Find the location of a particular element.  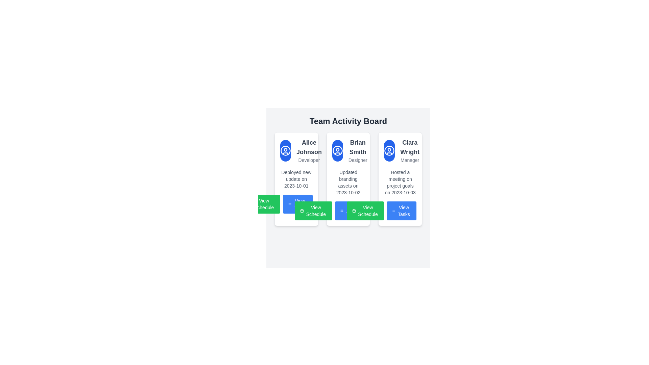

the large blue circular SVG Circle that serves as the outer frame of the avatar icon in the leftmost card of the 'Team Activity Board' is located at coordinates (285, 150).